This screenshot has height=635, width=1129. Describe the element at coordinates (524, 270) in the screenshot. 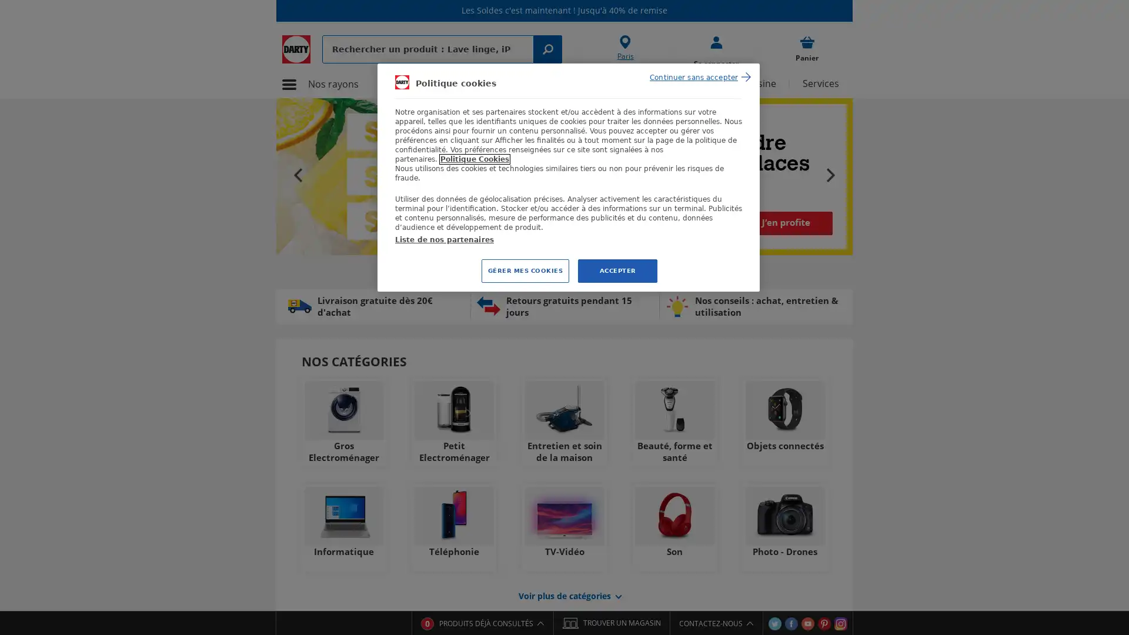

I see `GERER MES COOKIES` at that location.